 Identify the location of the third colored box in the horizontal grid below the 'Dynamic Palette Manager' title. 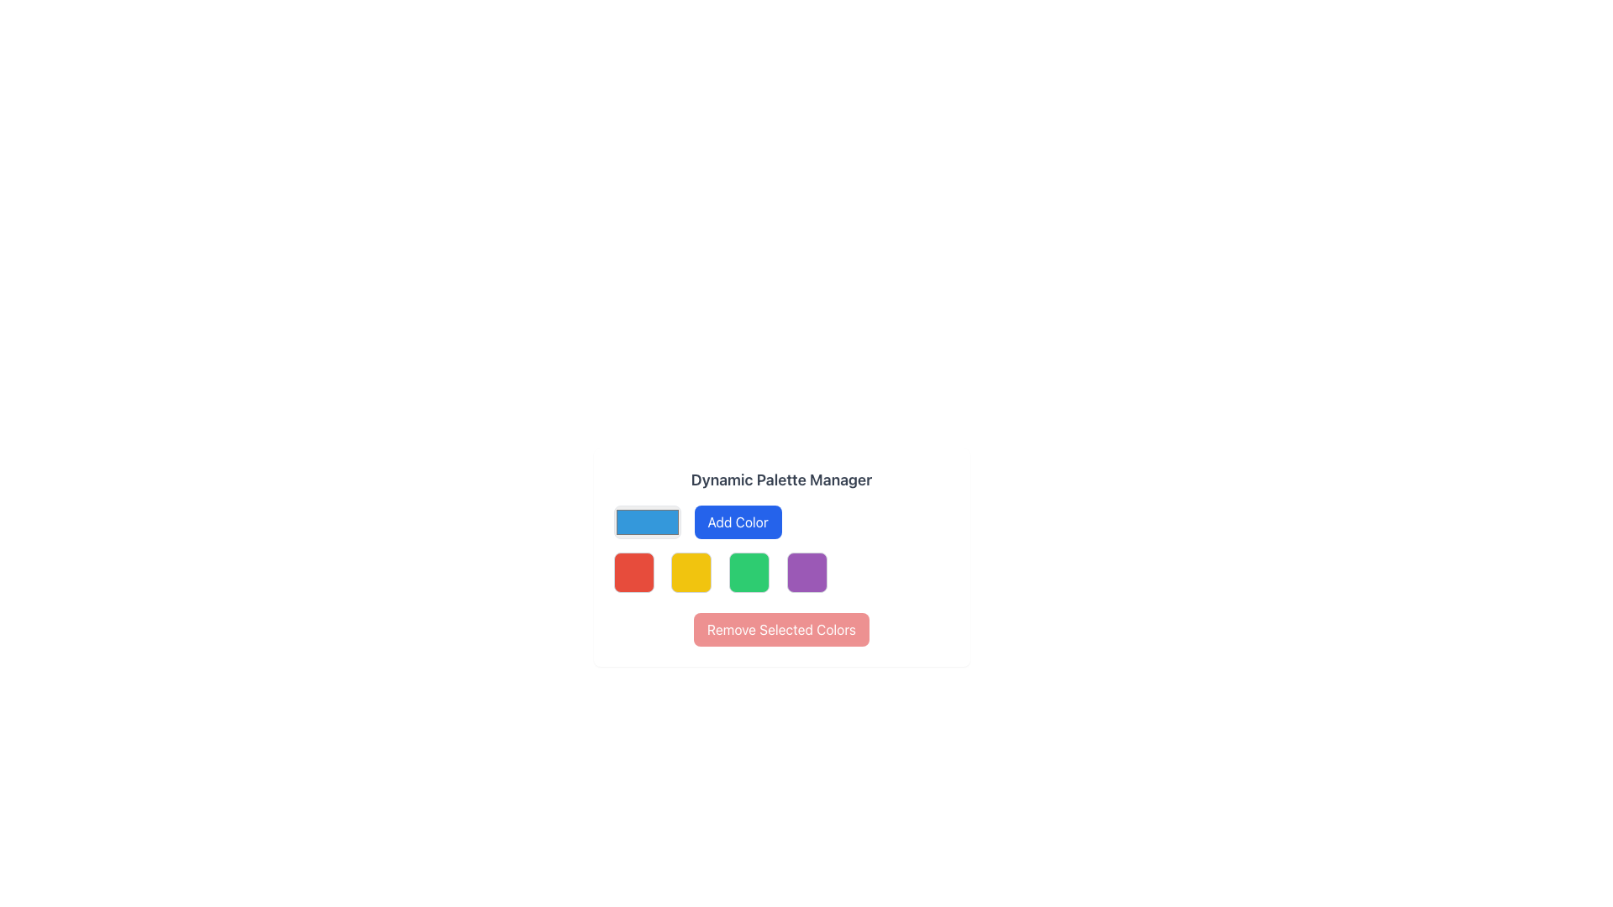
(748, 572).